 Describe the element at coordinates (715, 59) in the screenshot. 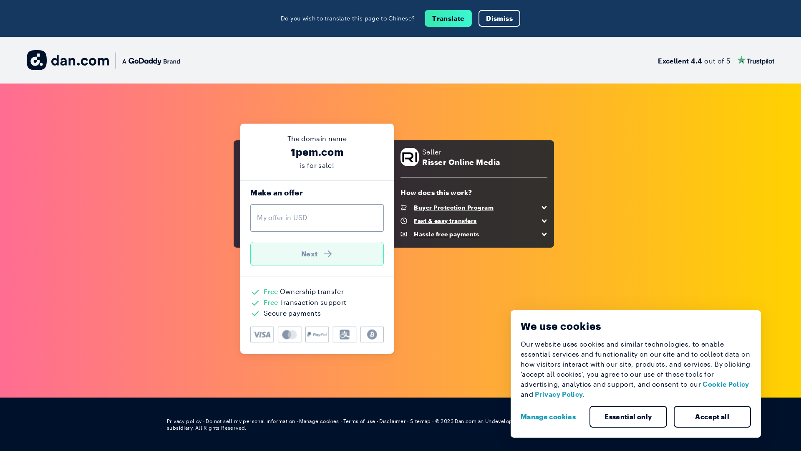

I see `'Excellent 4.4 out of 5'` at that location.